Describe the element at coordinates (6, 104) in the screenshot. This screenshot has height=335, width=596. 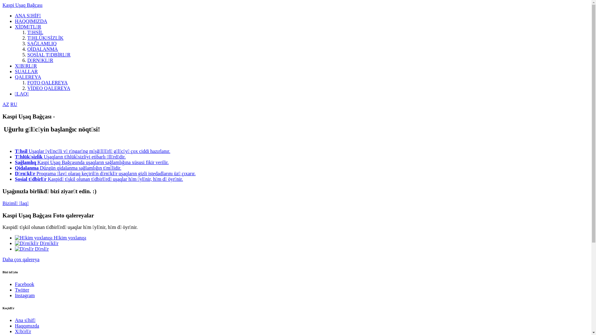
I see `'AZ'` at that location.